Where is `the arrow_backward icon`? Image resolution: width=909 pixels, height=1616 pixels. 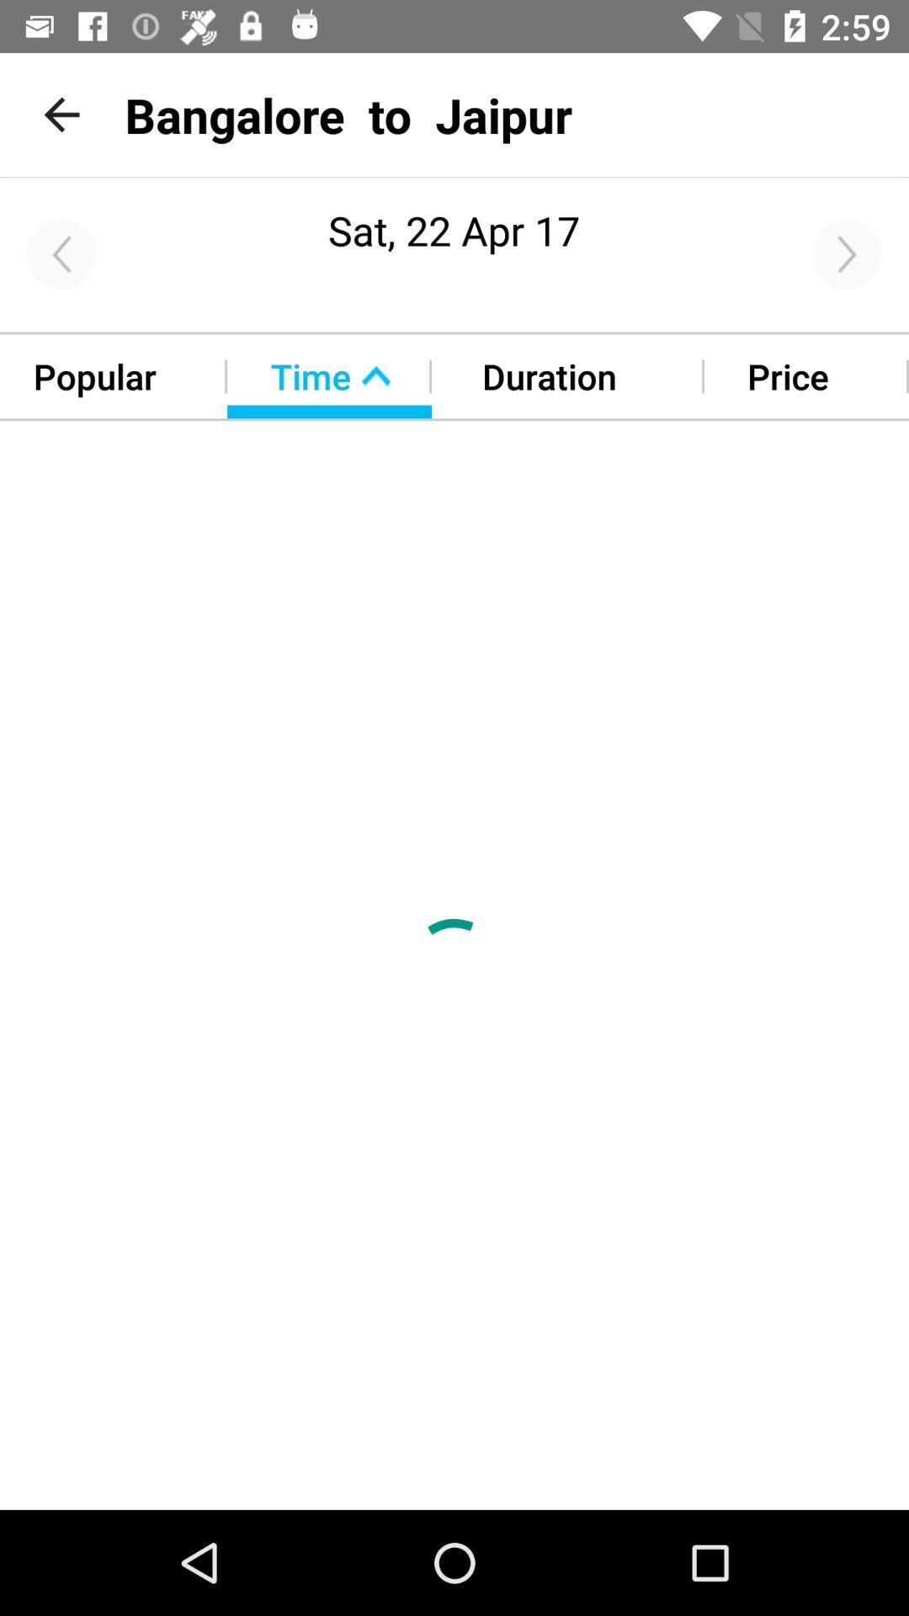
the arrow_backward icon is located at coordinates (61, 253).